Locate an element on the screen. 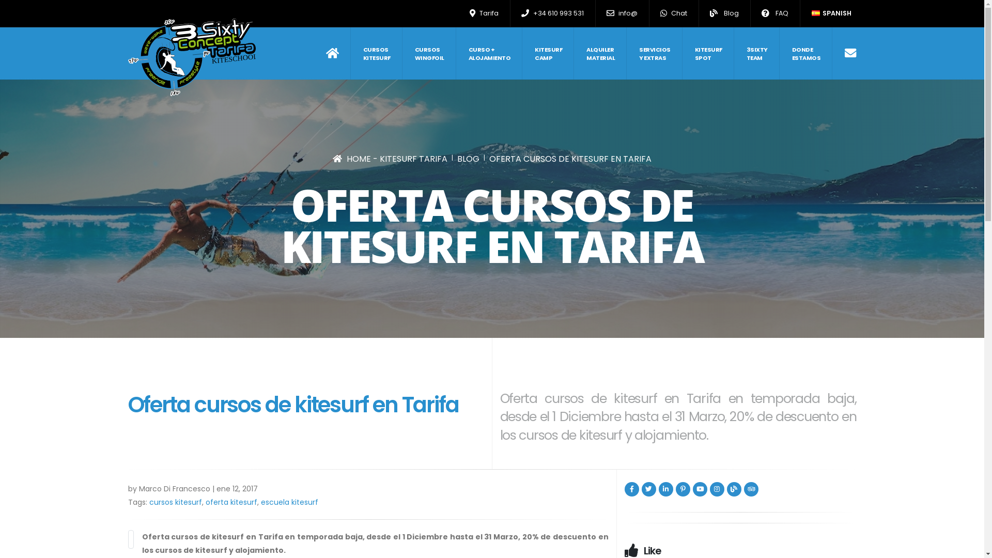  '3SIXTY TEAM' is located at coordinates (756, 53).